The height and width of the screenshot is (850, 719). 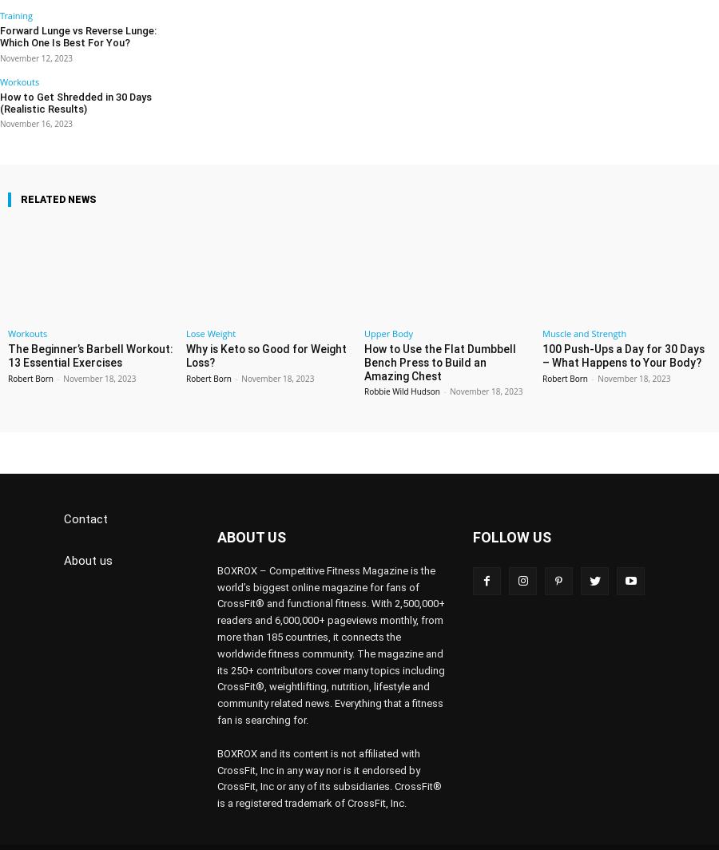 I want to click on 'Copyright © 2013-2022 by BOXROX', so click(x=141, y=836).